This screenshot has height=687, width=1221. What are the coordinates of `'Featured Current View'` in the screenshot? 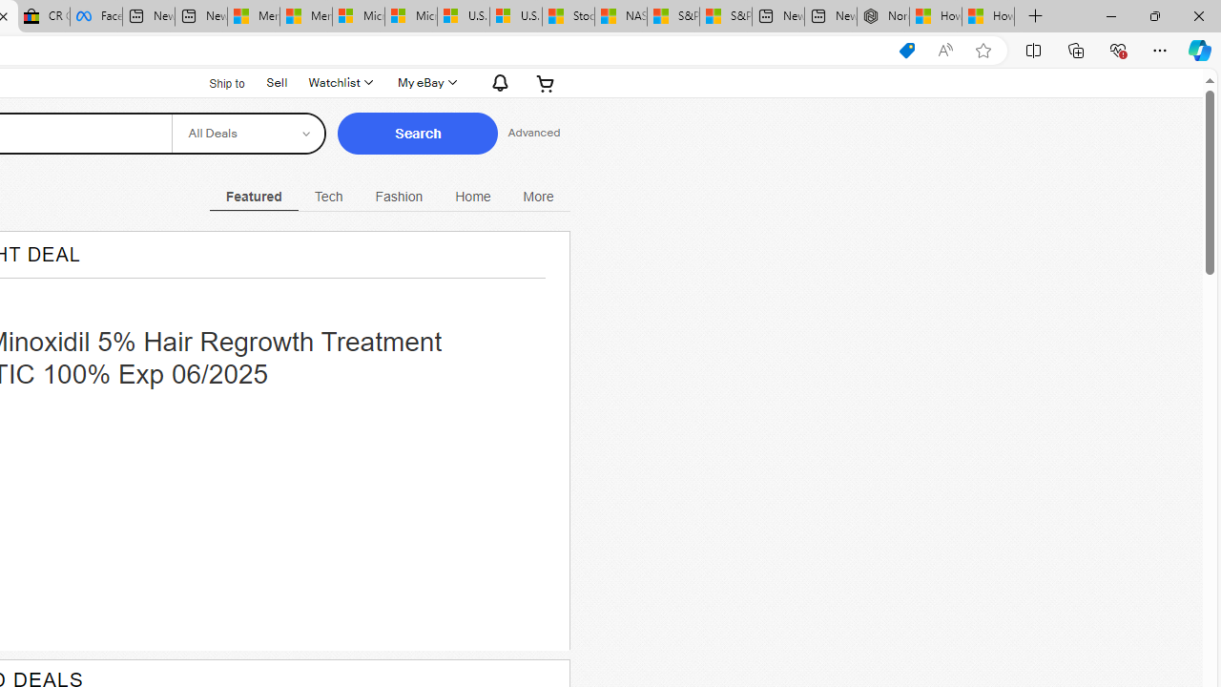 It's located at (253, 196).